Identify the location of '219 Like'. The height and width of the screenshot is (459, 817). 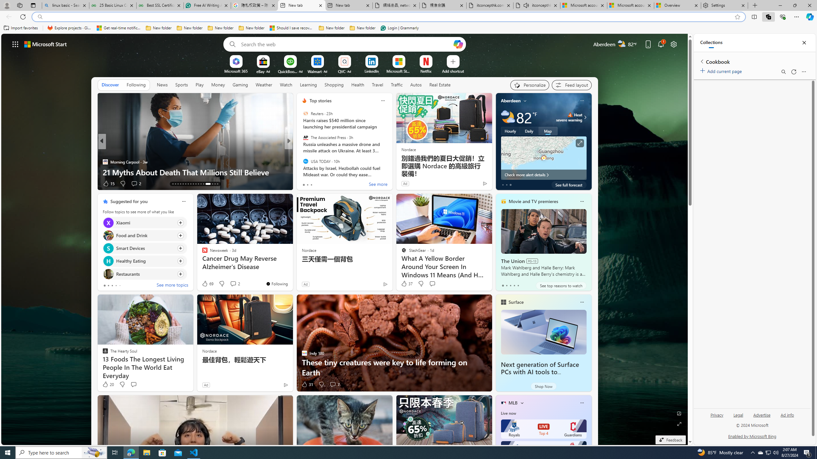
(305, 183).